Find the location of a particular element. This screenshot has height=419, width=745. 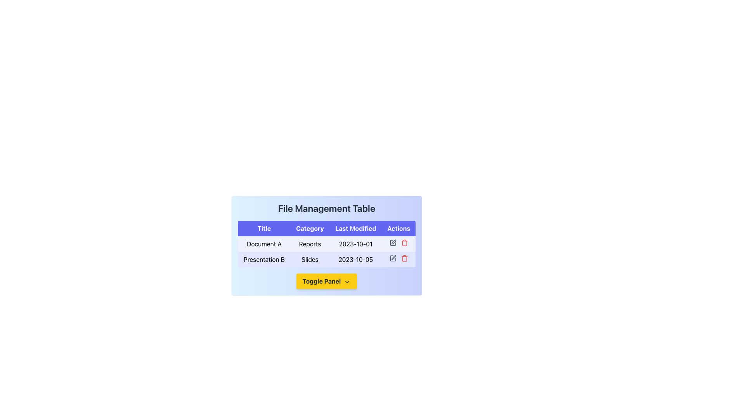

the 'Slides' text label element located in the second row of the table under the 'Category' column, which is centrally aligned between 'Presentation B' and '2023-10-05' is located at coordinates (310, 259).